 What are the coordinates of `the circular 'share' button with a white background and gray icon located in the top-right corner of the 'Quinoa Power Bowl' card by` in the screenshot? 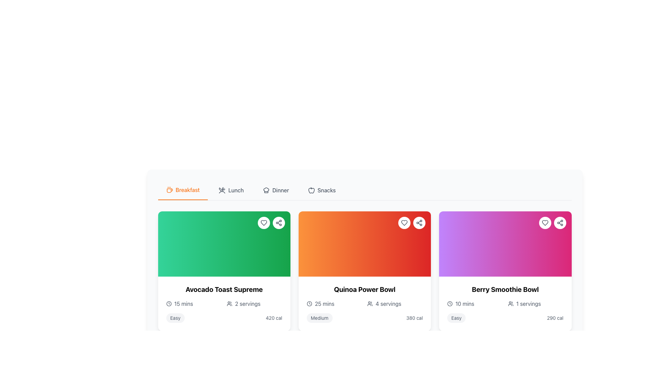 It's located at (419, 223).